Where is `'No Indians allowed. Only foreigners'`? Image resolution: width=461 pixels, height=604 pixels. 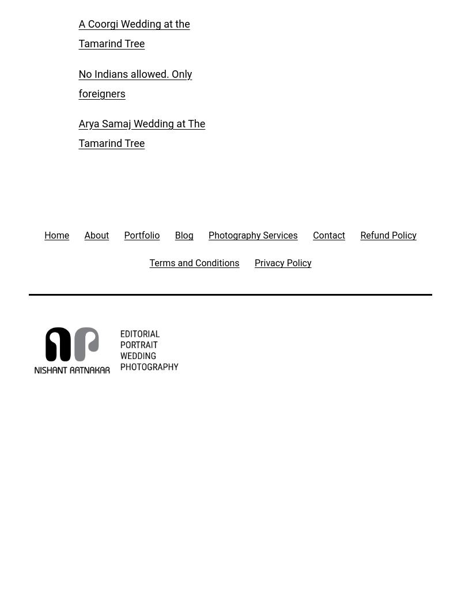
'No Indians allowed. Only foreigners' is located at coordinates (134, 83).